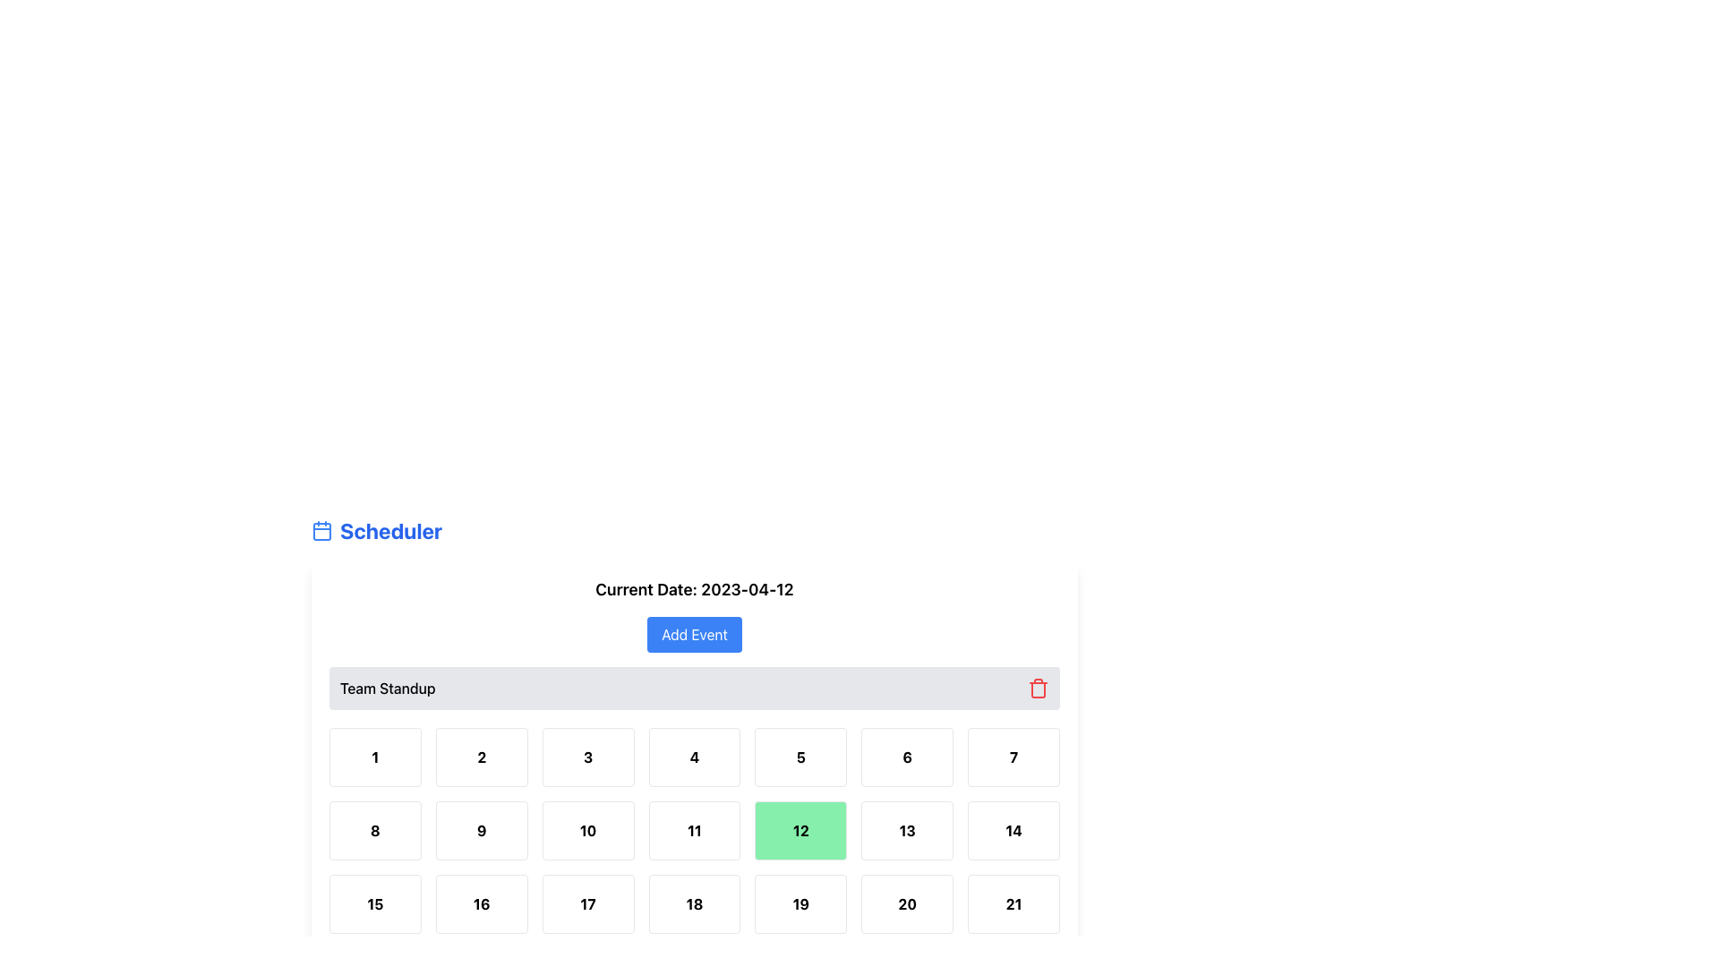 Image resolution: width=1719 pixels, height=967 pixels. What do you see at coordinates (907, 757) in the screenshot?
I see `the Calendar date cell displaying the number '6'` at bounding box center [907, 757].